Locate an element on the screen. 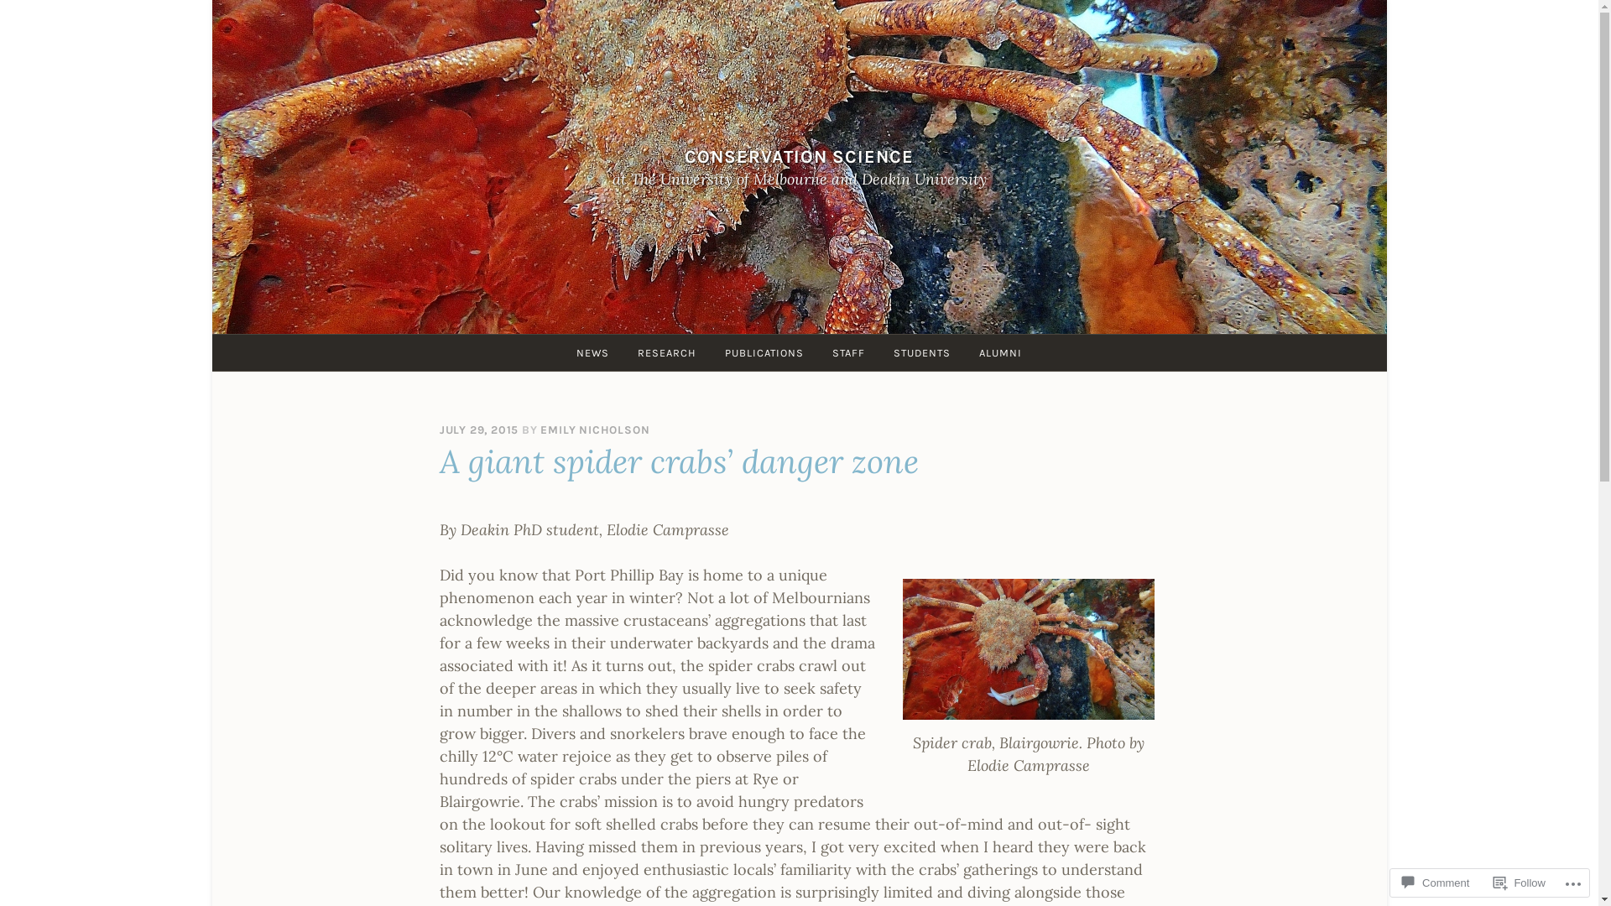 The height and width of the screenshot is (906, 1611). 'STAFF' is located at coordinates (848, 351).